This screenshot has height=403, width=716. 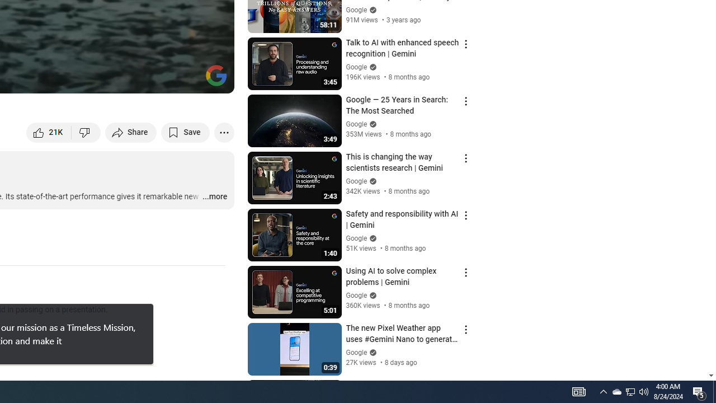 What do you see at coordinates (371, 352) in the screenshot?
I see `'Verified'` at bounding box center [371, 352].